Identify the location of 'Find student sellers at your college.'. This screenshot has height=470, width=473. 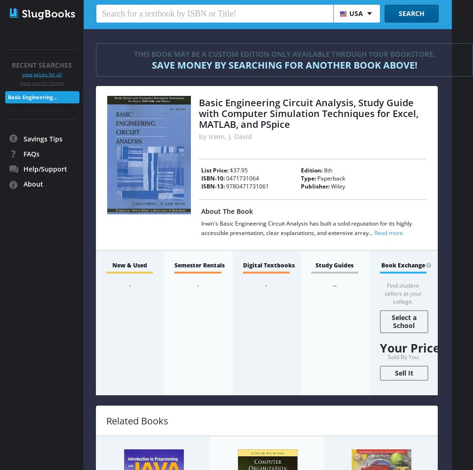
(402, 293).